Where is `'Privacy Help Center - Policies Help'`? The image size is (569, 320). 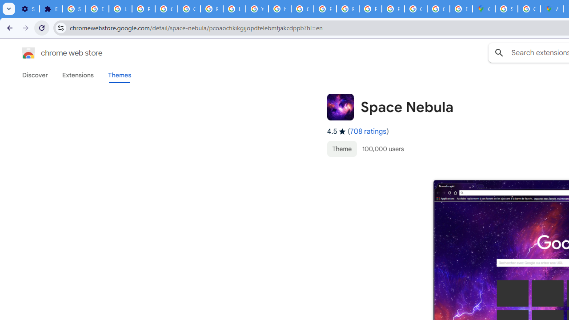 'Privacy Help Center - Policies Help' is located at coordinates (325, 9).